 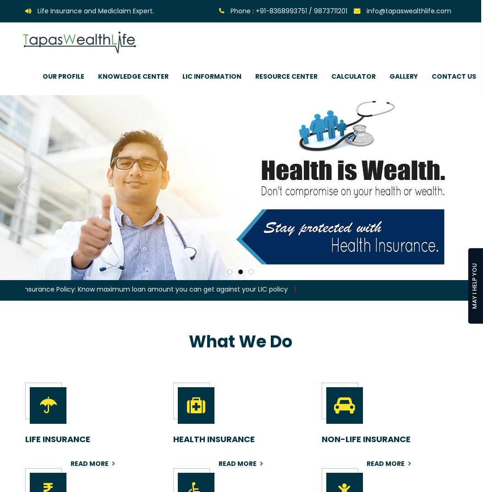 What do you see at coordinates (134, 106) in the screenshot?
I see `'Why Life Insurance'` at bounding box center [134, 106].